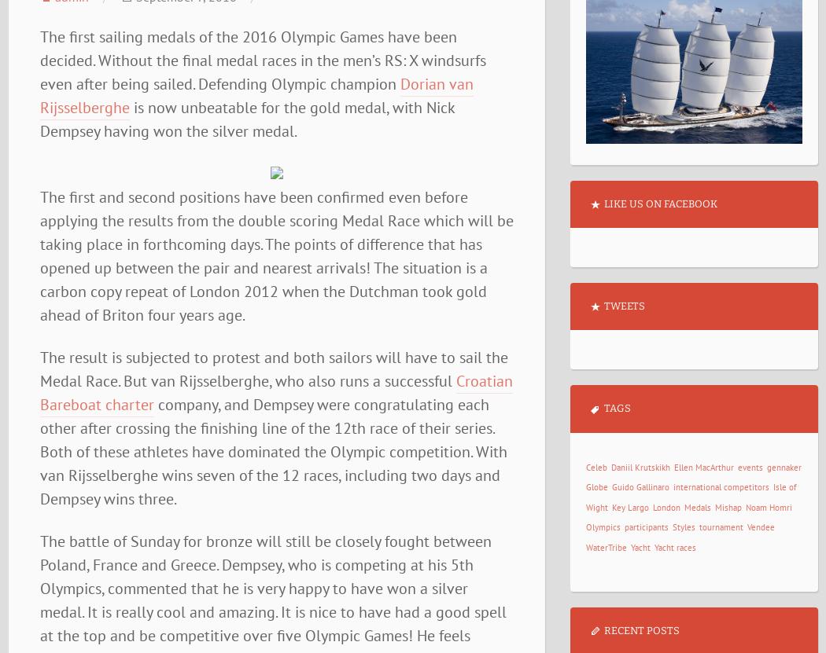 The width and height of the screenshot is (826, 653). I want to click on 'Vendee', so click(759, 527).